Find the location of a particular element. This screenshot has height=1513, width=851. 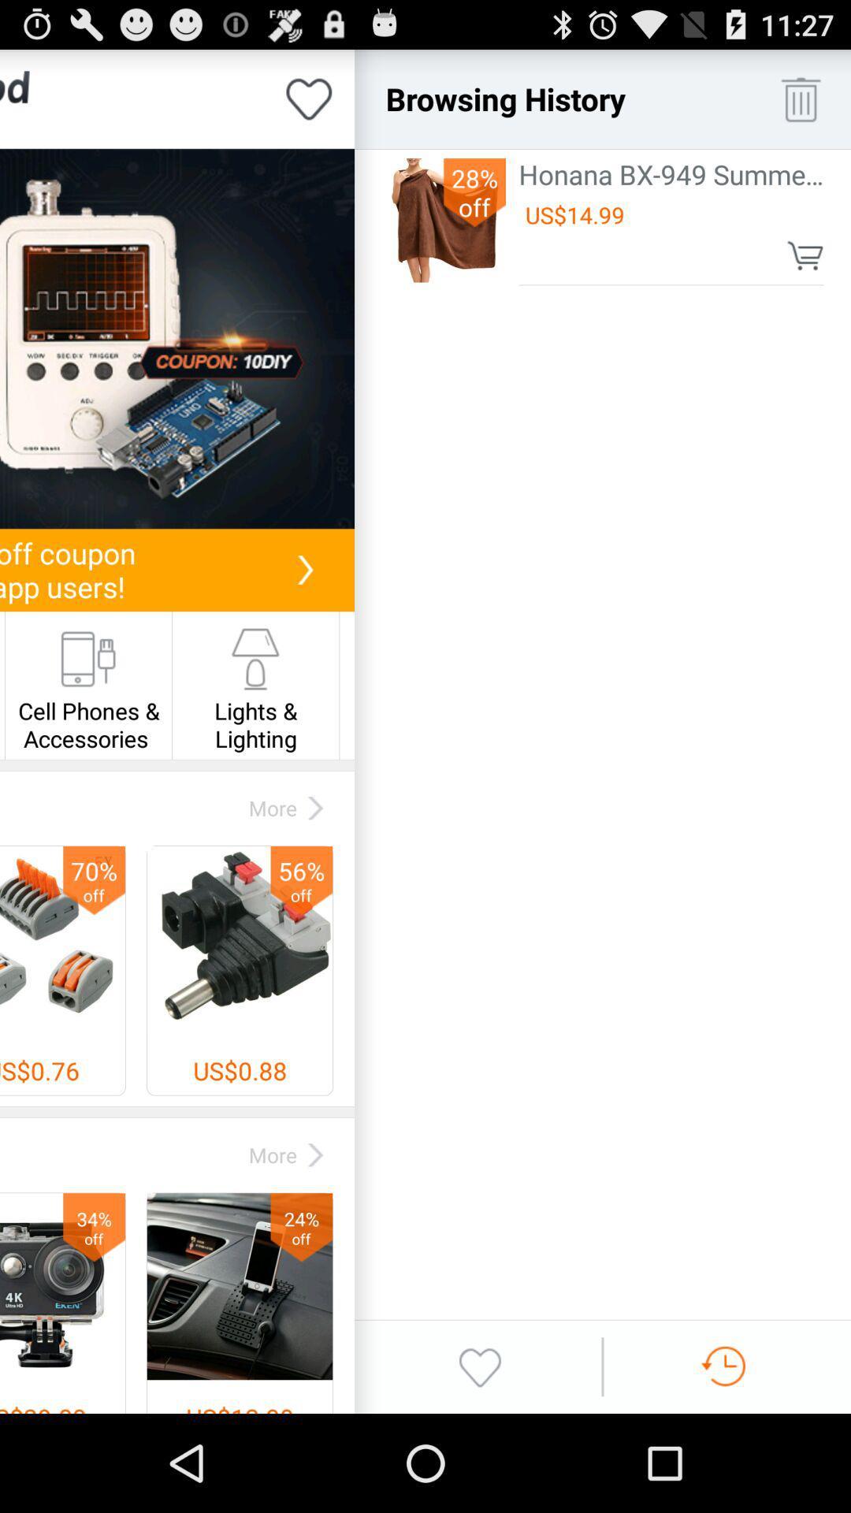

the icon next to the honana bx 949 is located at coordinates (444, 219).